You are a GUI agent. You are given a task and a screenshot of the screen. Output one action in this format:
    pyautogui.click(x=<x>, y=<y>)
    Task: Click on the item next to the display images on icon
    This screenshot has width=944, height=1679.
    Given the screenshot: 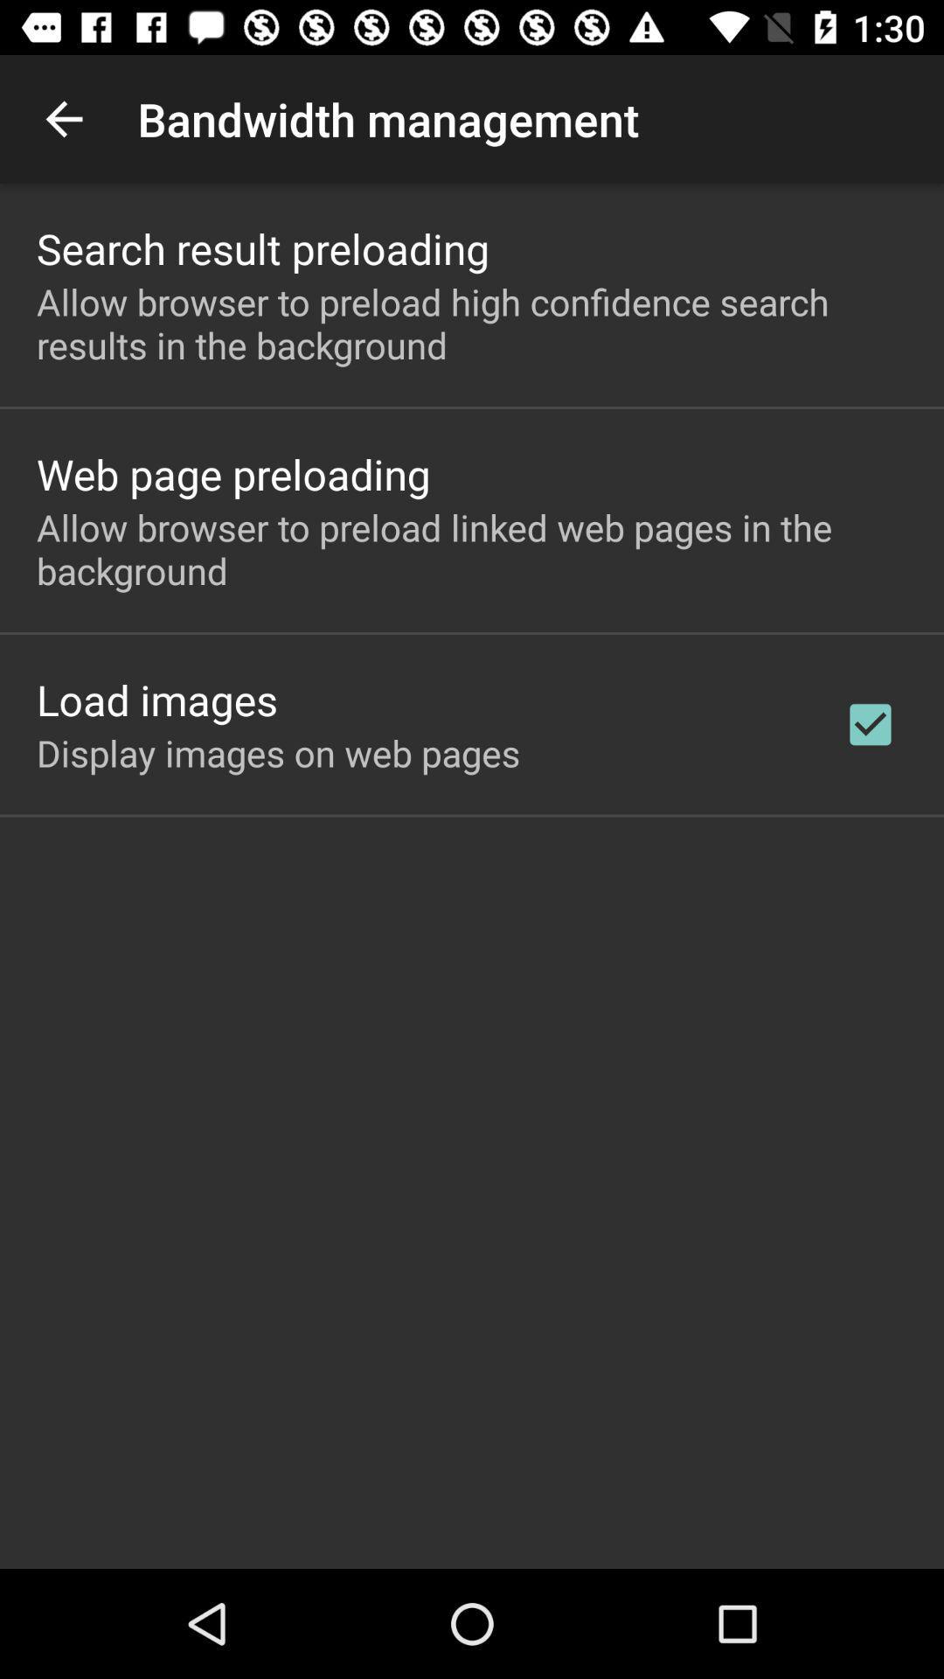 What is the action you would take?
    pyautogui.click(x=870, y=724)
    